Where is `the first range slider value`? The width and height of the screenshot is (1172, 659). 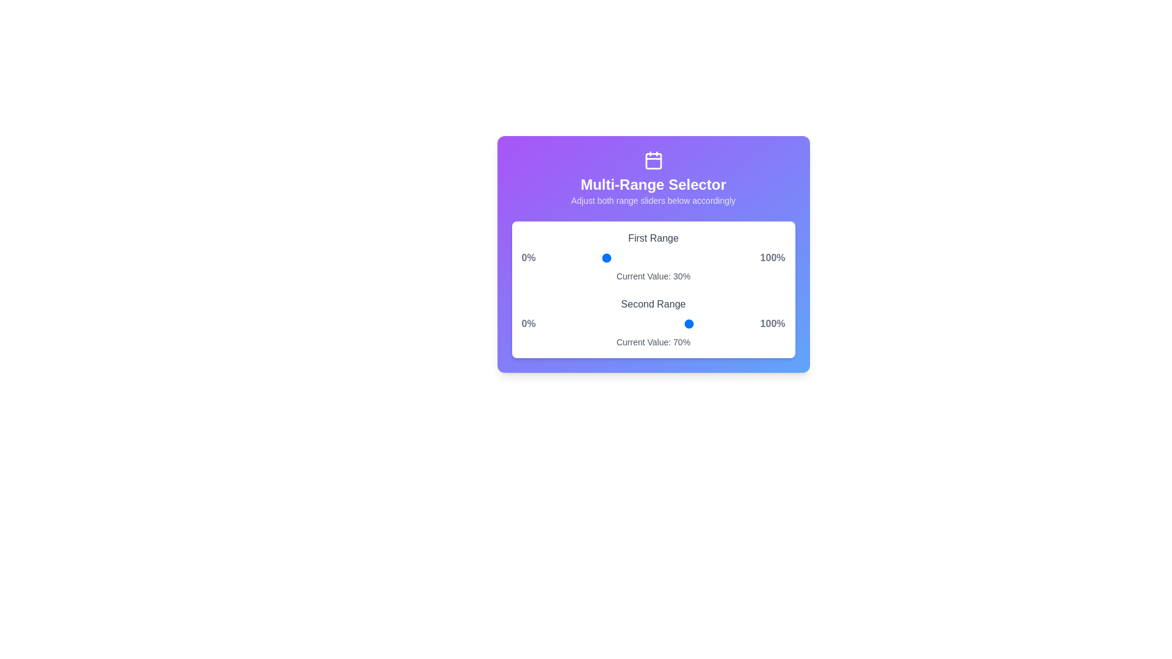
the first range slider value is located at coordinates (540, 257).